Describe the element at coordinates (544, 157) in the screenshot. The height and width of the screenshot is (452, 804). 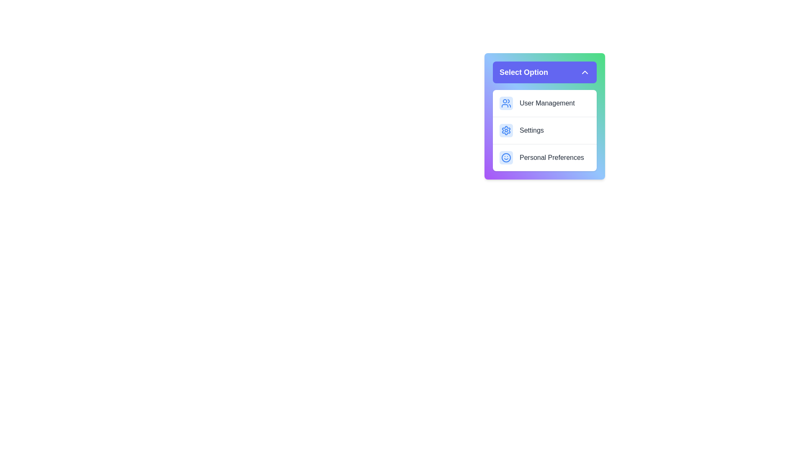
I see `the 'Personal Preferences' menu item, which is the third item in the vertical list under the 'Select Option' header, to change its background styling` at that location.